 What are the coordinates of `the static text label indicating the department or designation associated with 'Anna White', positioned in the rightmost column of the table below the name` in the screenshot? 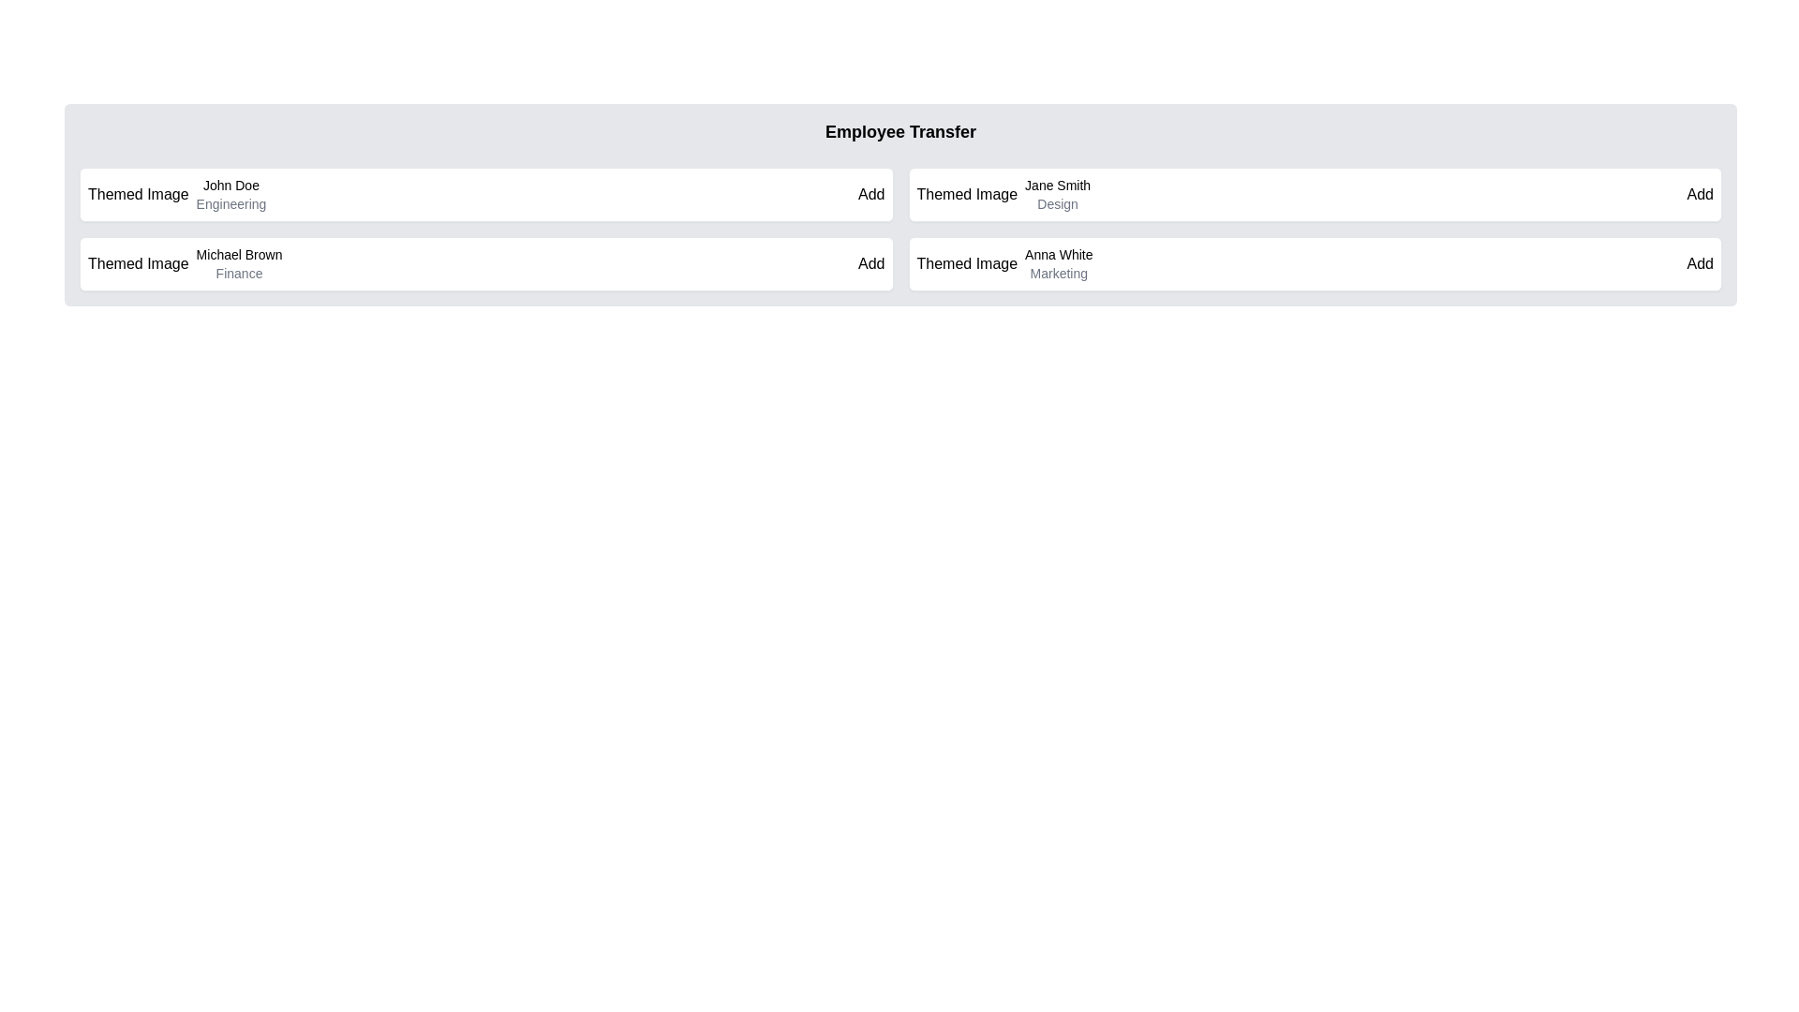 It's located at (1059, 274).